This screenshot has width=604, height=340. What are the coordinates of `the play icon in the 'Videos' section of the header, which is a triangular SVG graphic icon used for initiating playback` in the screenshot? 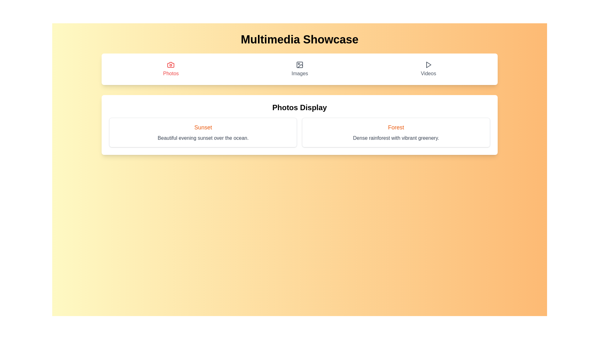 It's located at (428, 65).